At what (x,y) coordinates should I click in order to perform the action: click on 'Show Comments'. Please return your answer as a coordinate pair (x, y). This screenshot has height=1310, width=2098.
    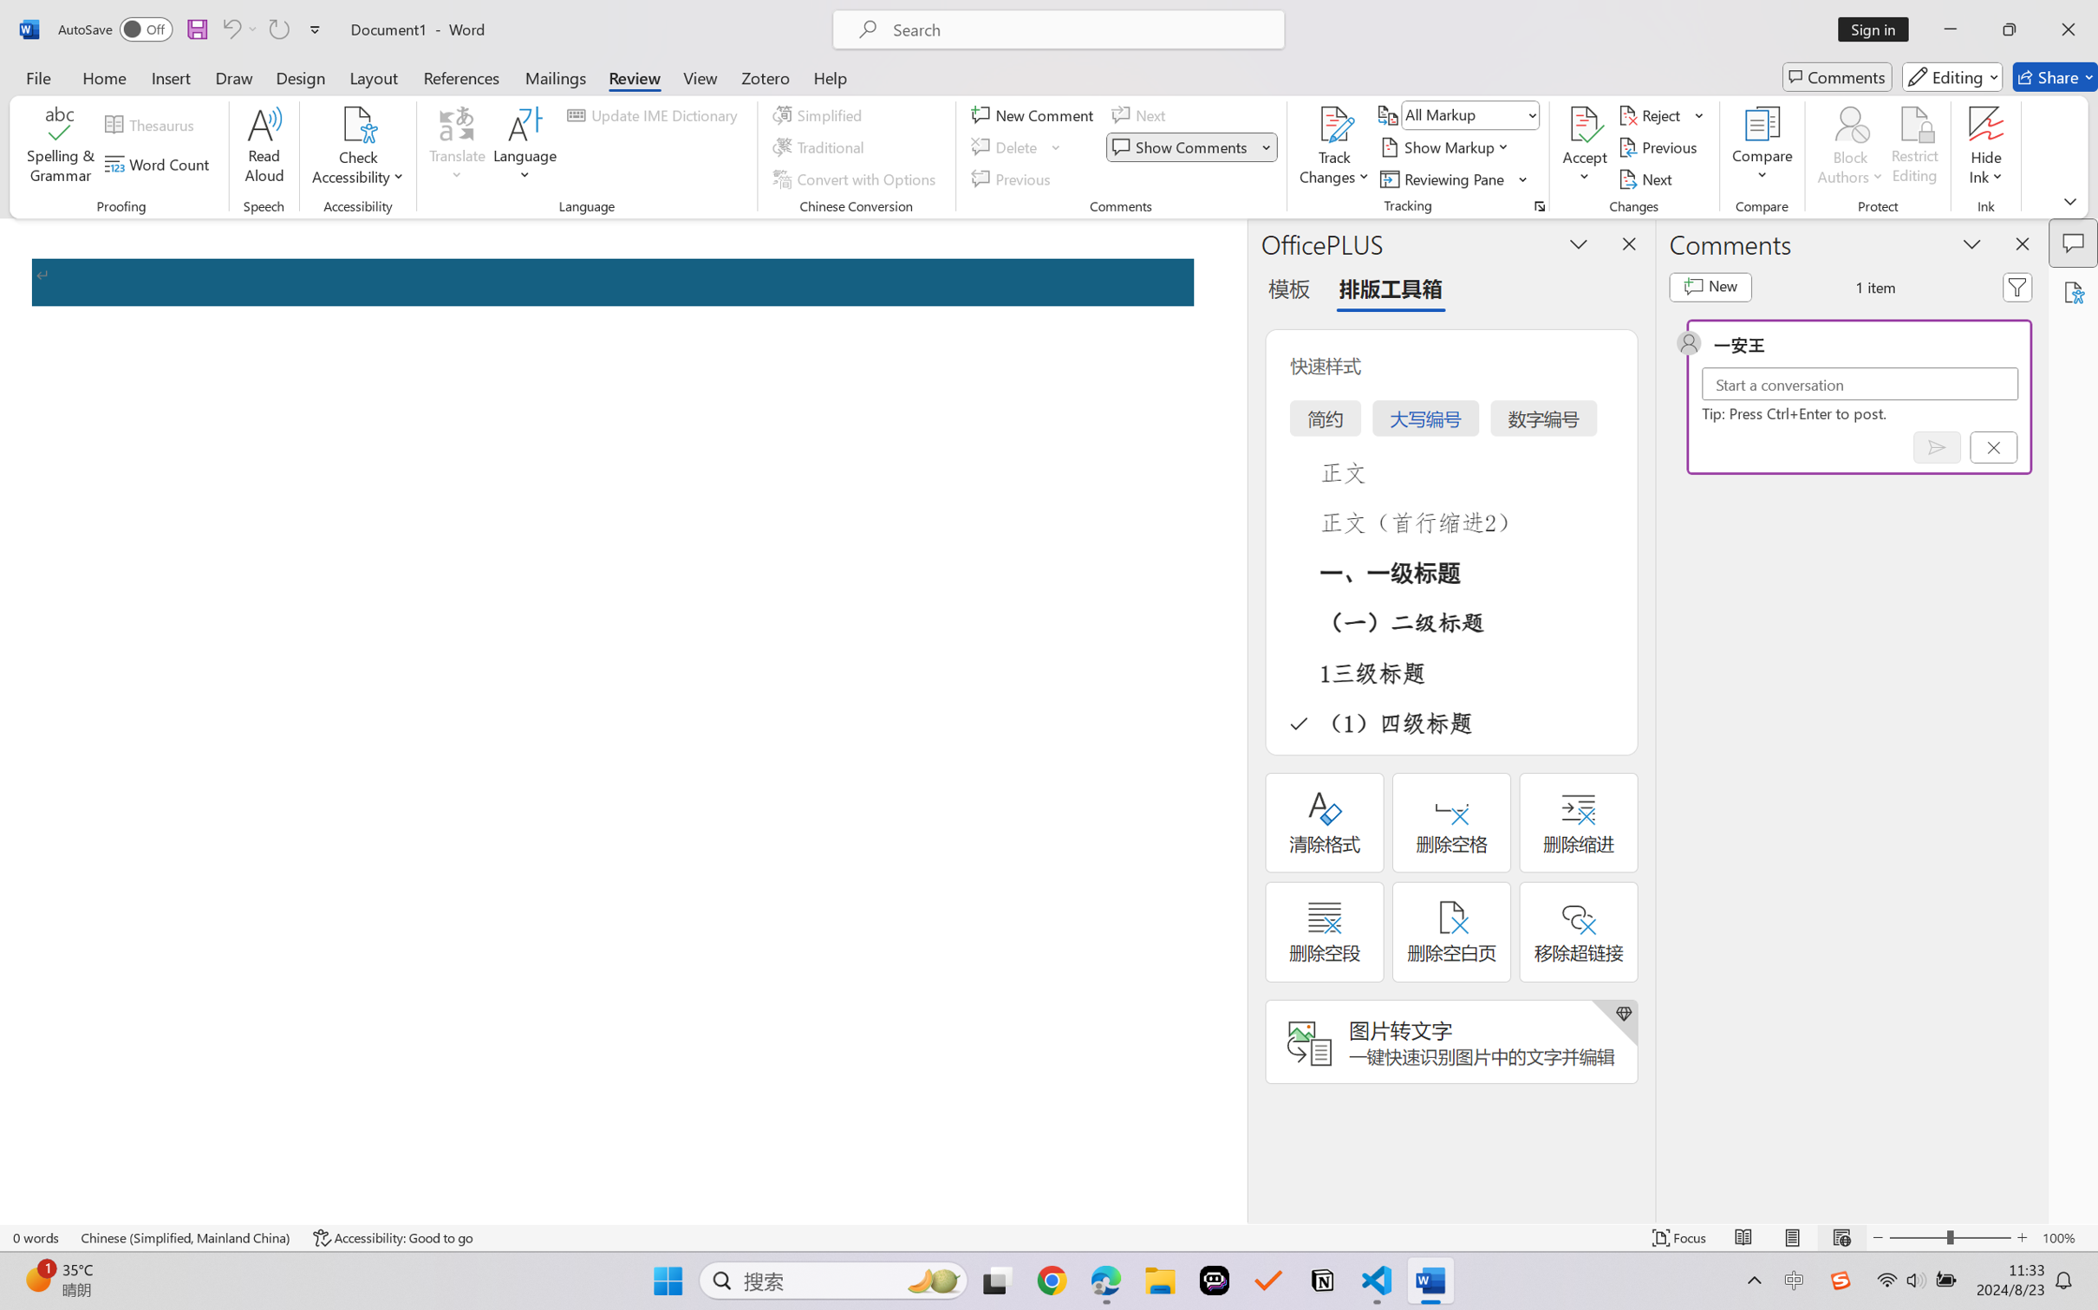
    Looking at the image, I should click on (1182, 147).